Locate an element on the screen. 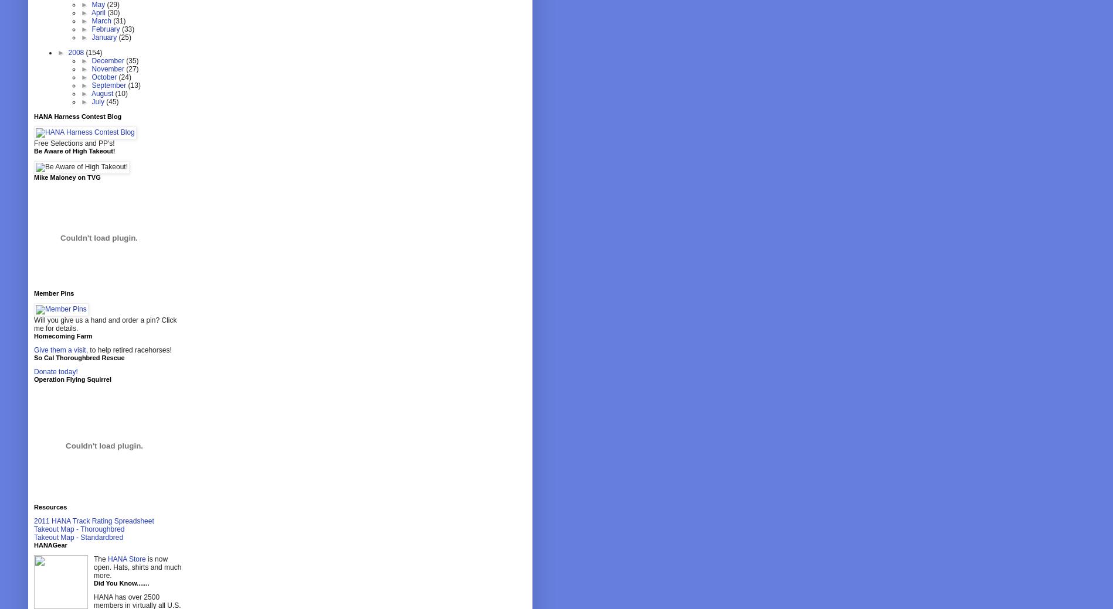  '(45)' is located at coordinates (106, 101).